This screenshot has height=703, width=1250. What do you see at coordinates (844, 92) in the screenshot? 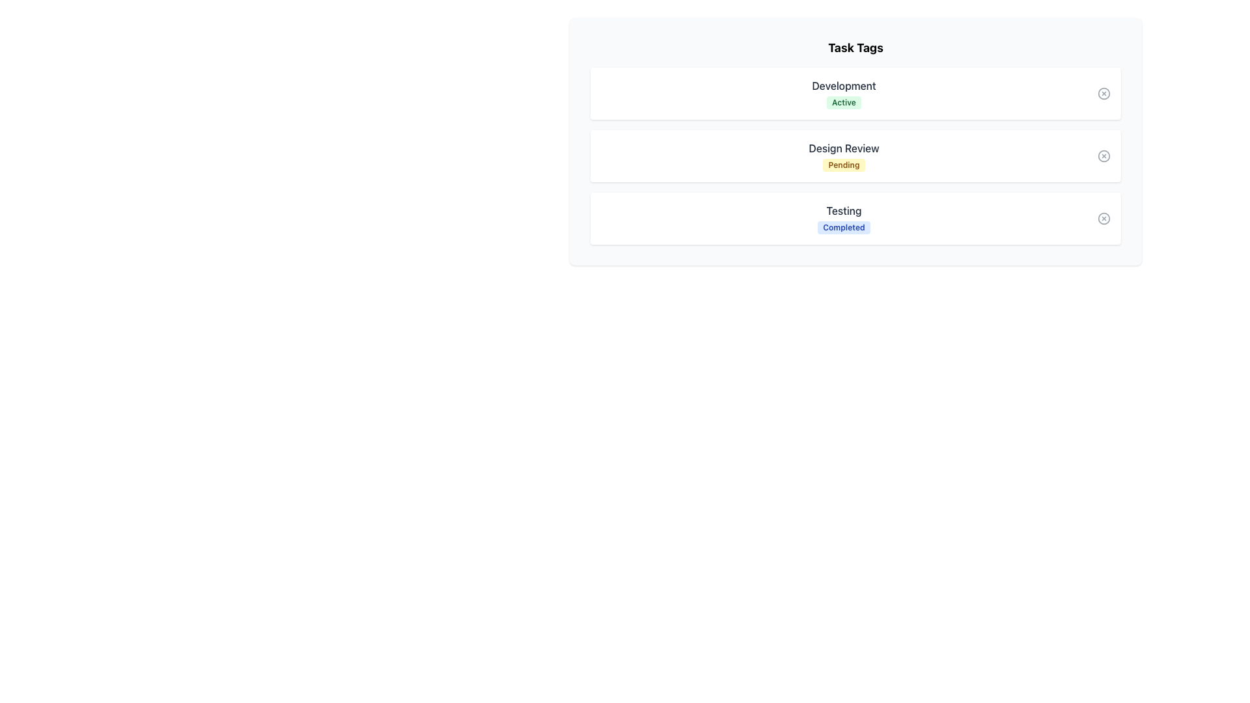
I see `text and status displayed on the 'Development' task label with status 'Active' located in the 'Task Tags' header group` at bounding box center [844, 92].